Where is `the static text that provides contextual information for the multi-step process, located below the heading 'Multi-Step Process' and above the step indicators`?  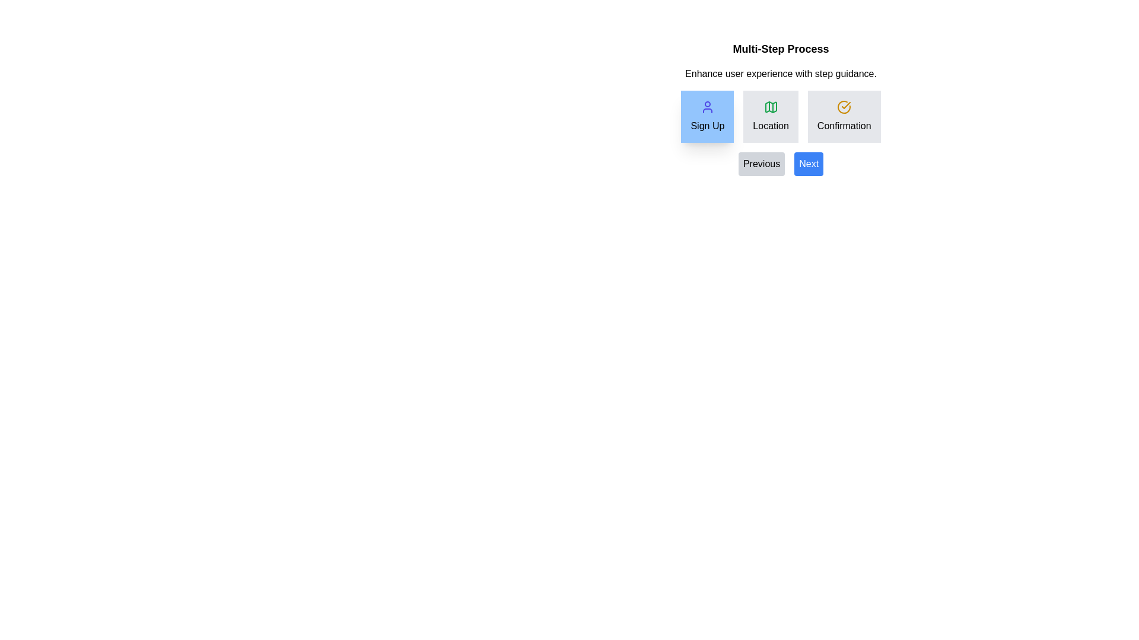 the static text that provides contextual information for the multi-step process, located below the heading 'Multi-Step Process' and above the step indicators is located at coordinates (781, 73).